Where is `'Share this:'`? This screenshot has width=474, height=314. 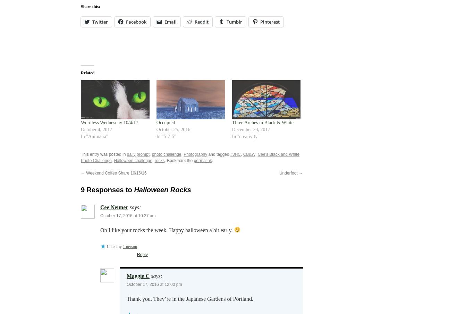 'Share this:' is located at coordinates (81, 6).